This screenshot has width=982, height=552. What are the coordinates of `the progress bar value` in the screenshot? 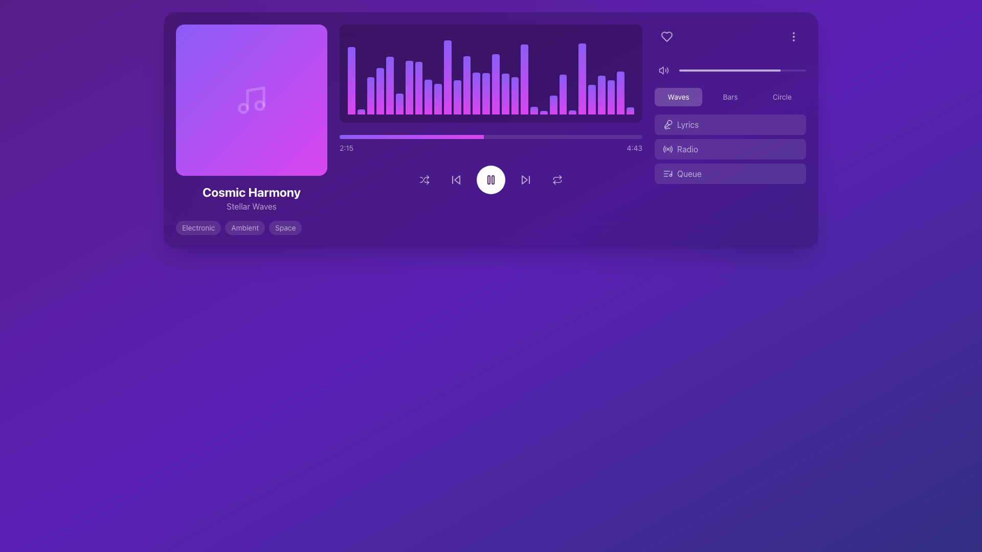 It's located at (351, 136).